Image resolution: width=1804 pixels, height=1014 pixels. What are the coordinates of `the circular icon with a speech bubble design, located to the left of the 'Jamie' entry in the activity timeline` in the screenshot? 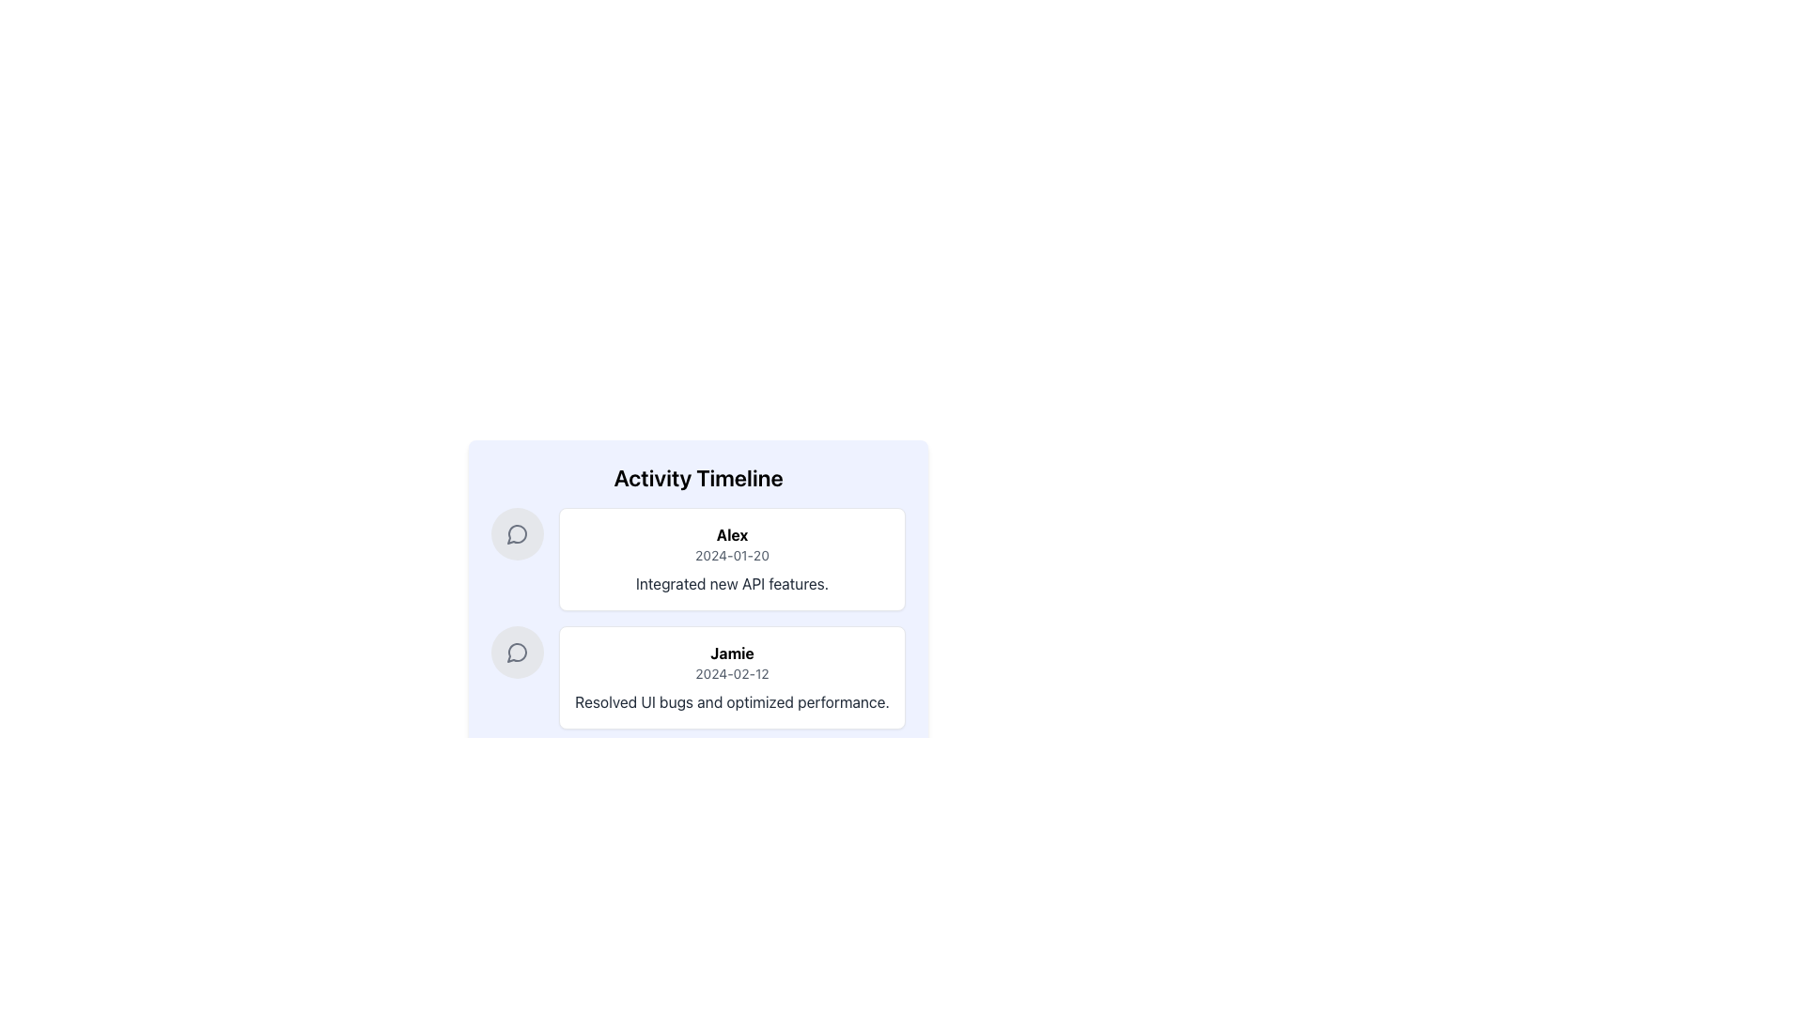 It's located at (518, 651).